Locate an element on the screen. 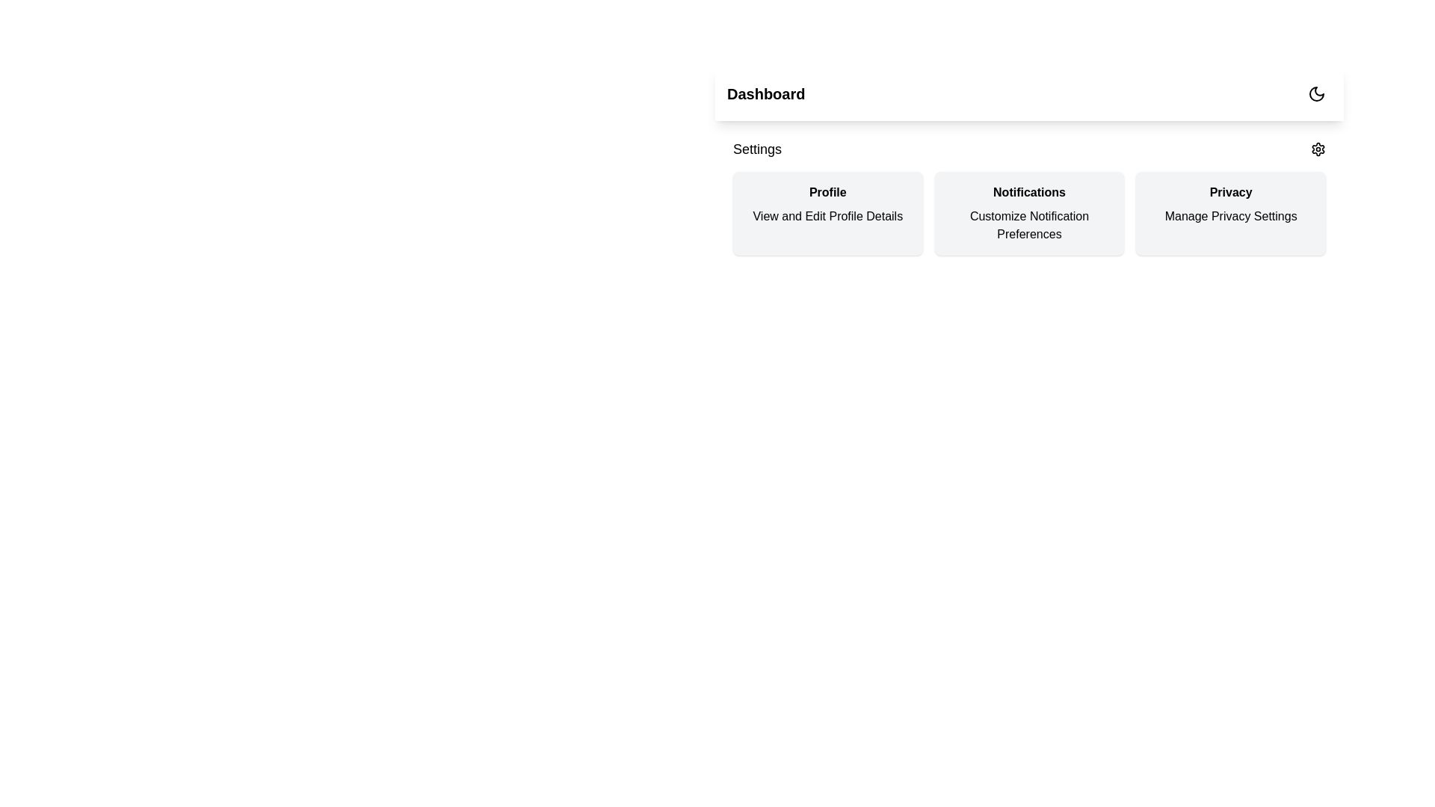  the 'Privacy' text label element, which is styled in medium-level bold font and is part of a card-like segment with rounded corners, located above the 'Manage Privacy Settings' text is located at coordinates (1231, 192).